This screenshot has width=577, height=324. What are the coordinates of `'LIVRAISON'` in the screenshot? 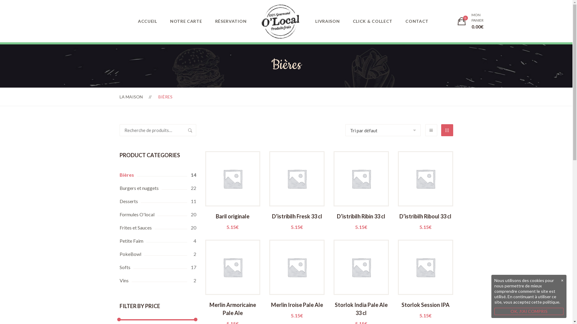 It's located at (327, 21).